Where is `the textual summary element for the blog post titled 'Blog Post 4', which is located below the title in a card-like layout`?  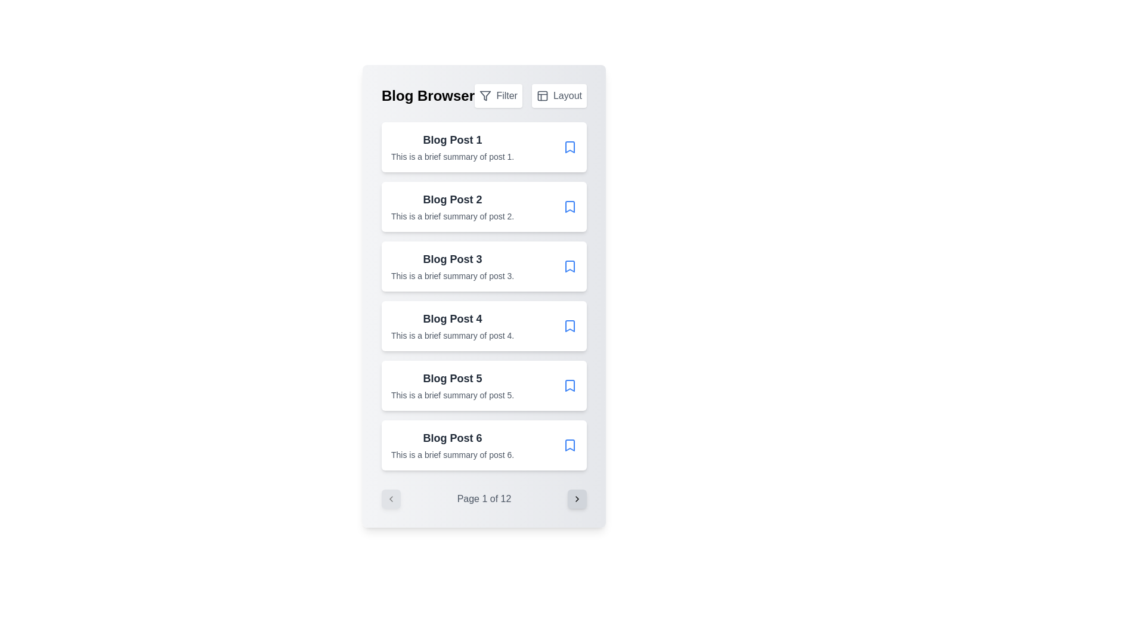
the textual summary element for the blog post titled 'Blog Post 4', which is located below the title in a card-like layout is located at coordinates (452, 336).